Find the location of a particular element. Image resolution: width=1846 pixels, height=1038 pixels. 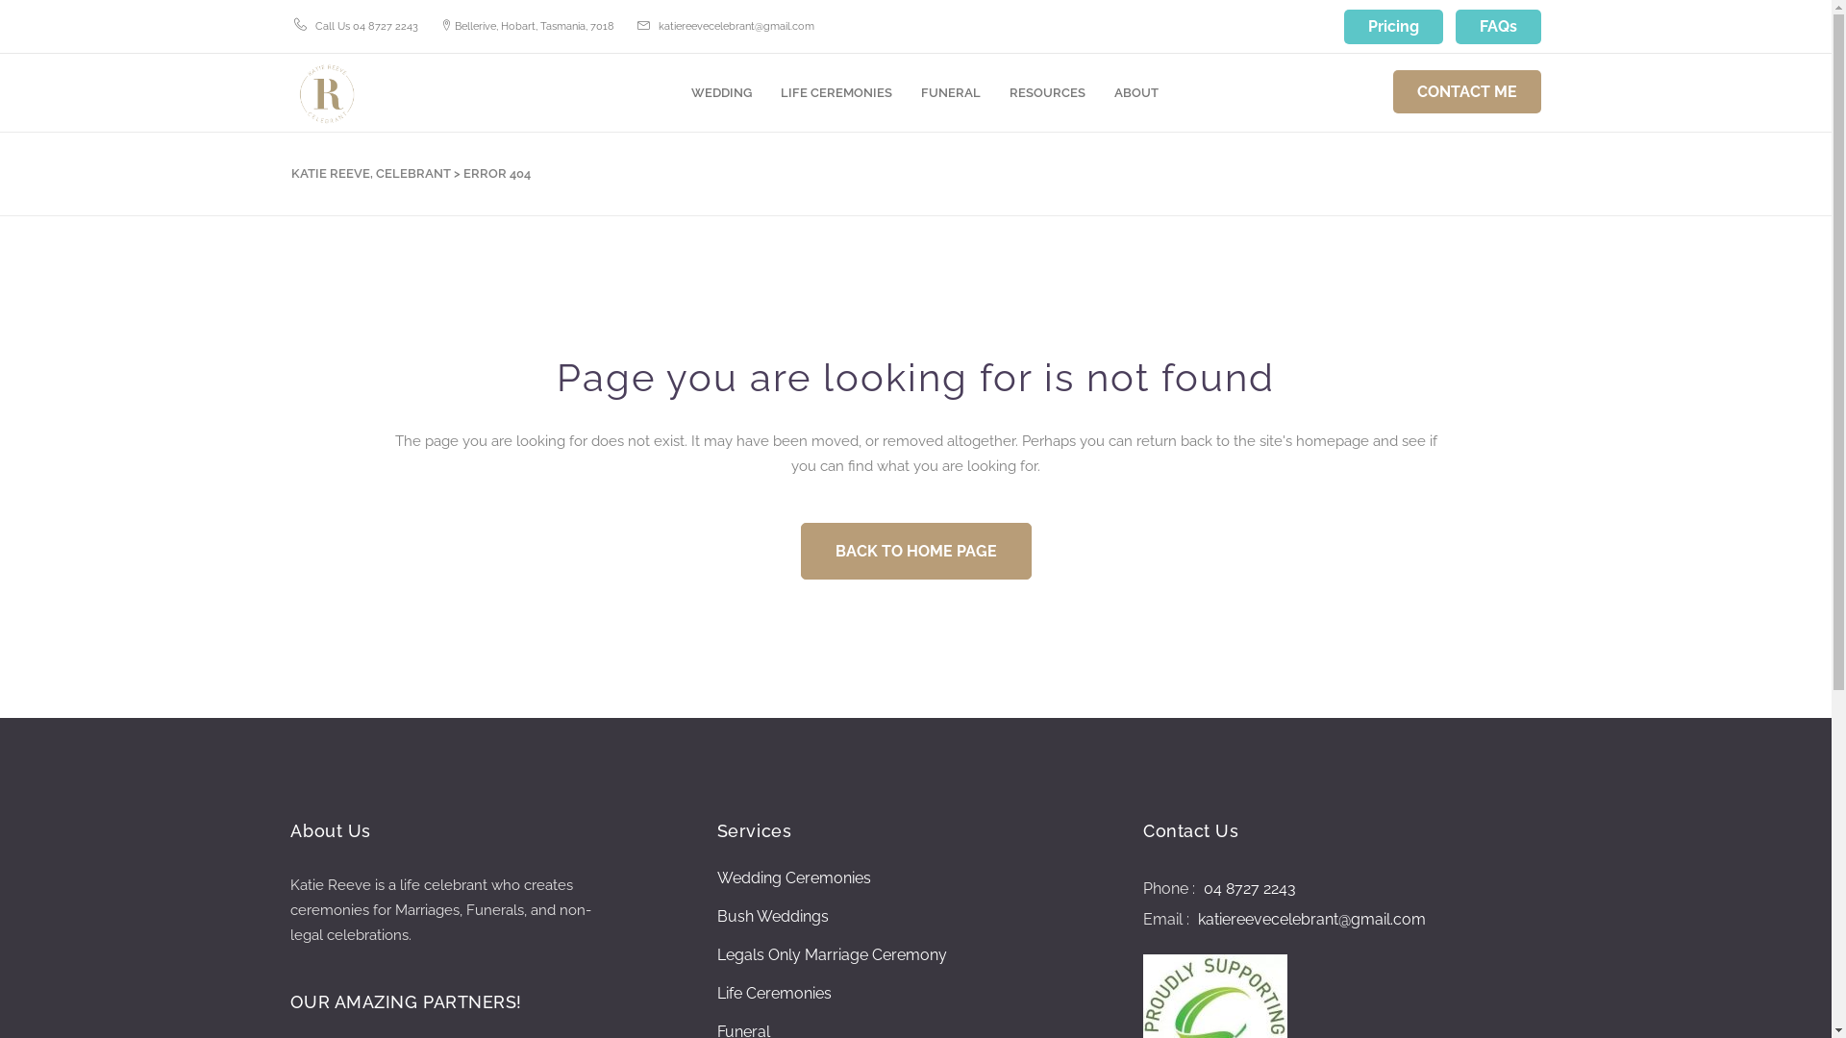

'ABOUT' is located at coordinates (1135, 92).